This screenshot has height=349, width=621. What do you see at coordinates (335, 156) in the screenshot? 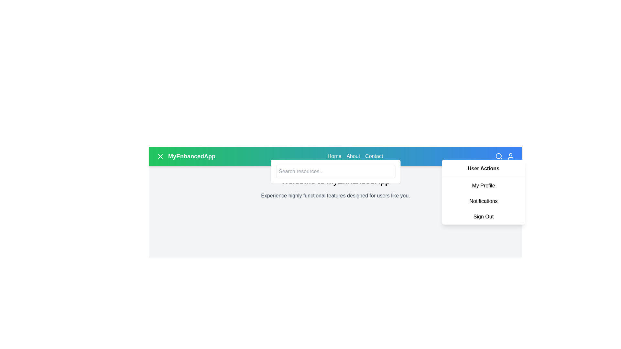
I see `the Navigation bar of 'MyEnhancedApp'` at bounding box center [335, 156].